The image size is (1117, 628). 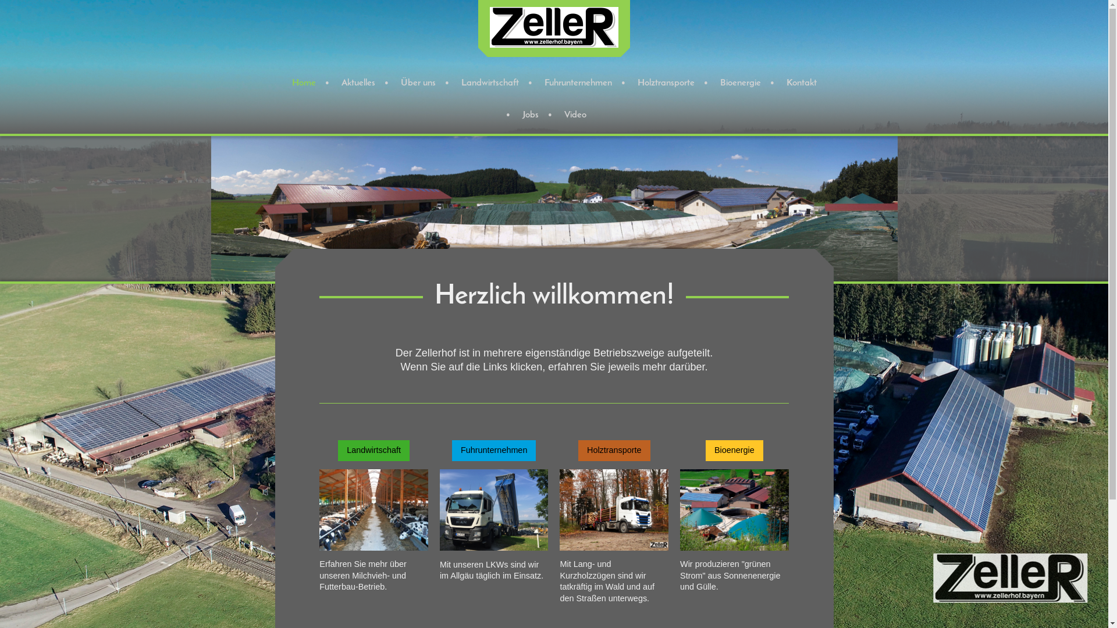 I want to click on 'Aktuelles', so click(x=357, y=83).